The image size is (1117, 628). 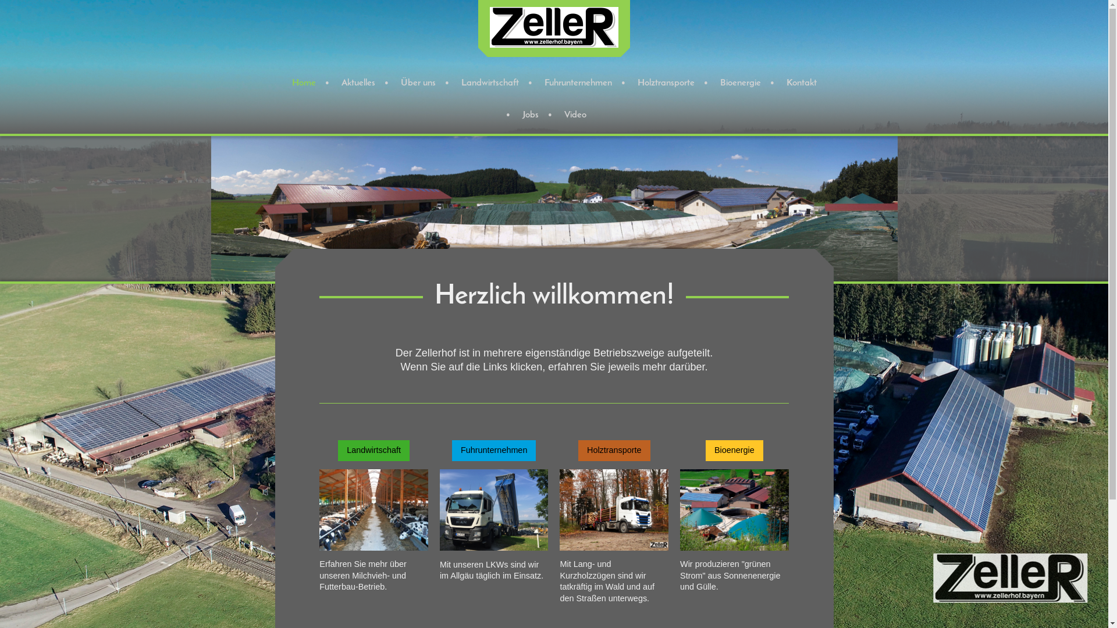 I want to click on 'Aktuelles', so click(x=357, y=83).